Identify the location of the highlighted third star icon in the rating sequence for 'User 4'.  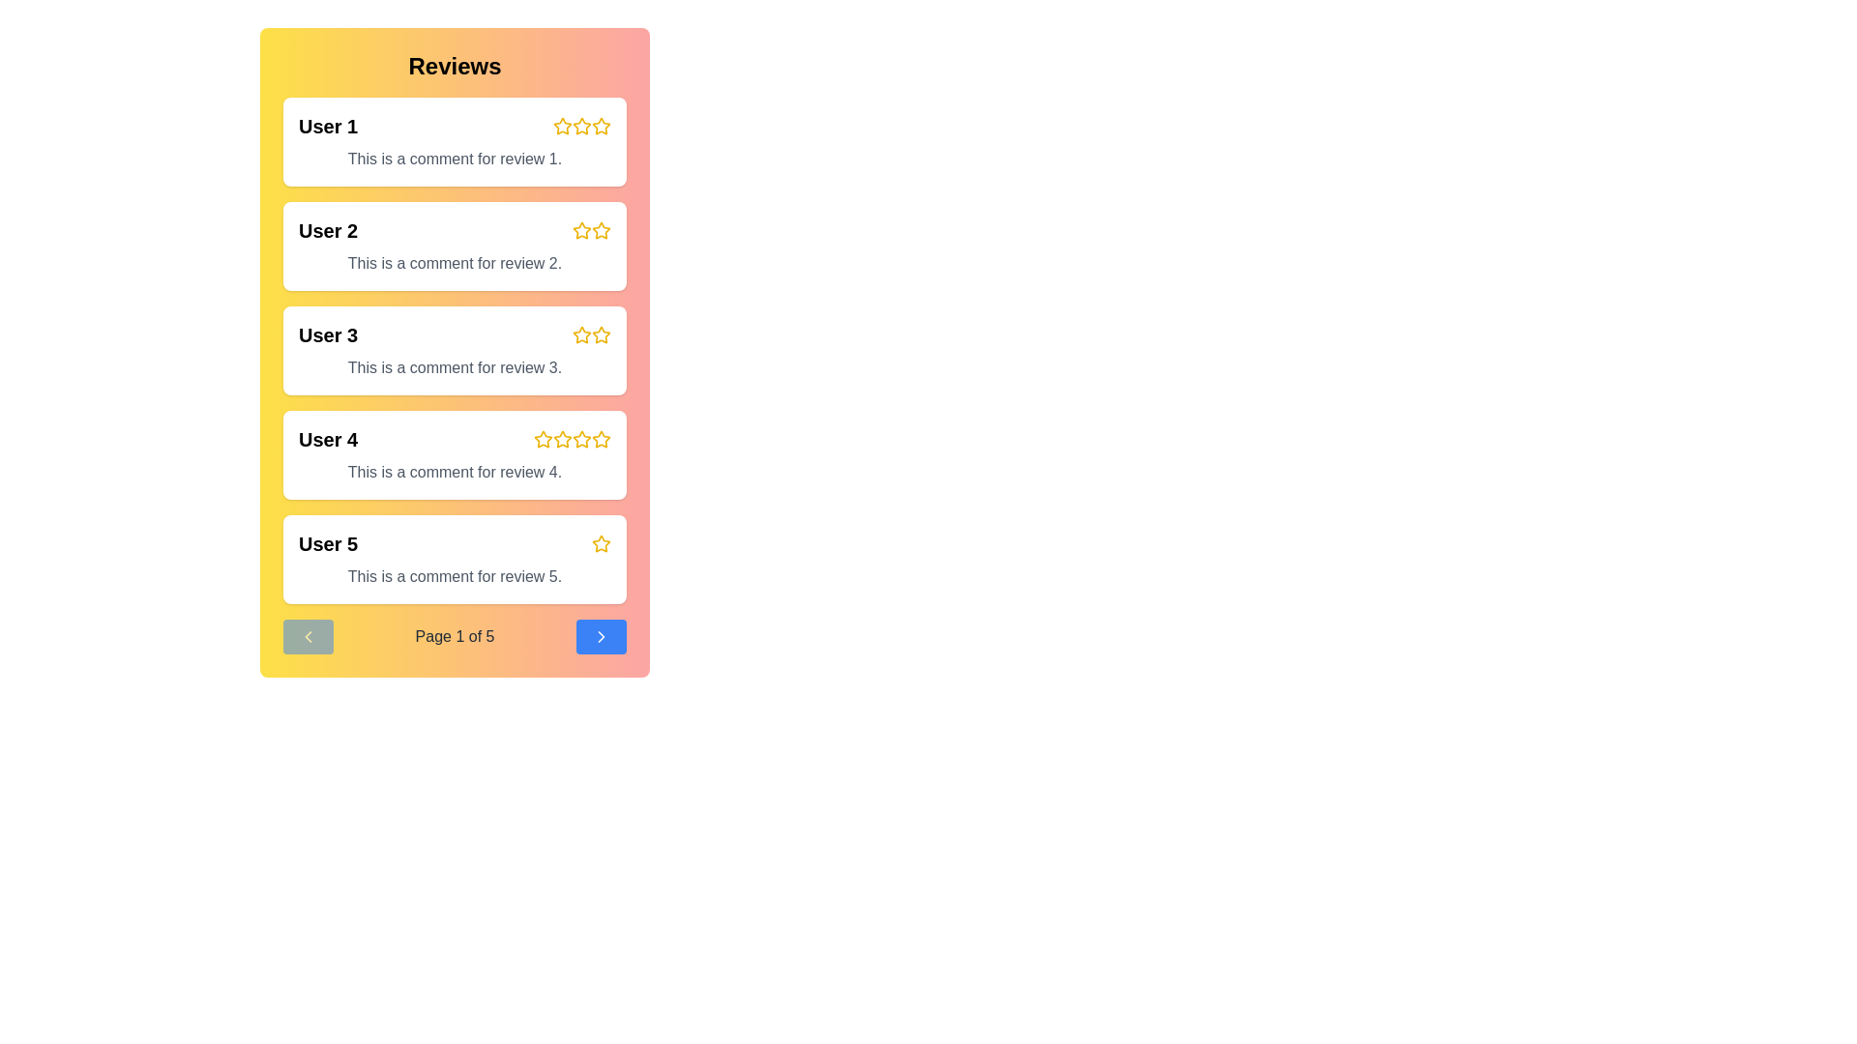
(571, 440).